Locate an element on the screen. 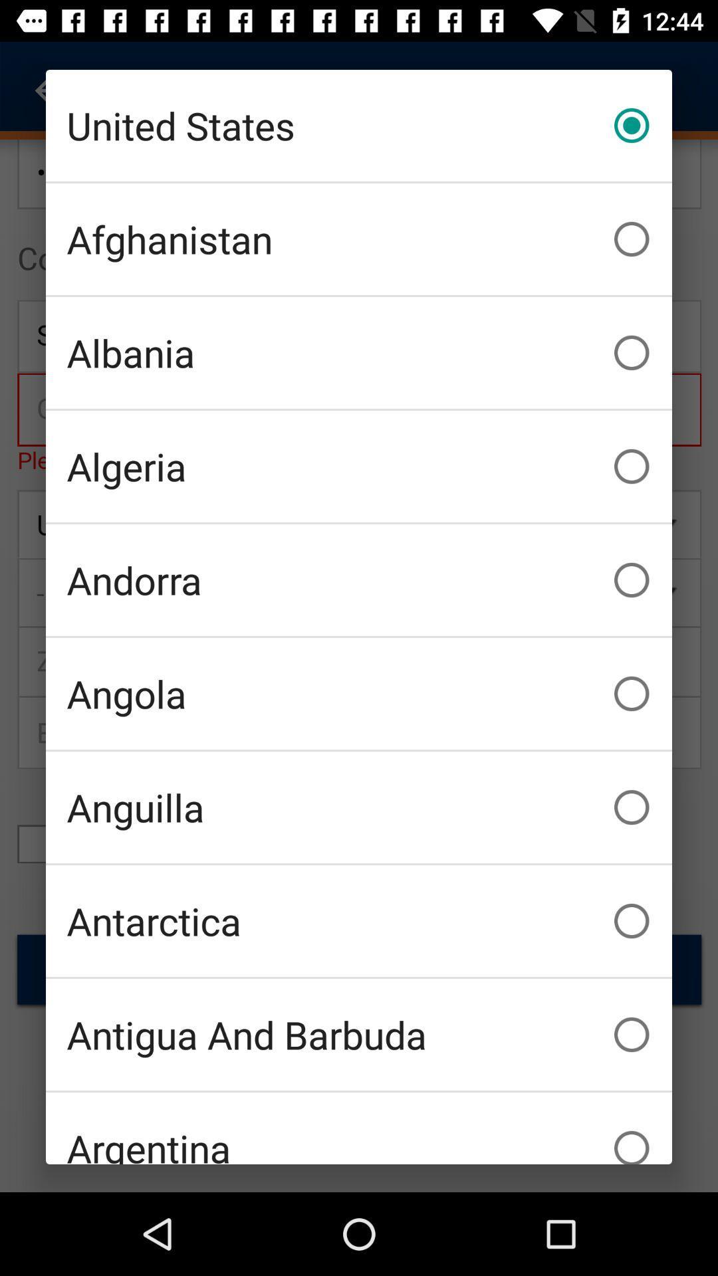 Image resolution: width=718 pixels, height=1276 pixels. argentina is located at coordinates (359, 1128).